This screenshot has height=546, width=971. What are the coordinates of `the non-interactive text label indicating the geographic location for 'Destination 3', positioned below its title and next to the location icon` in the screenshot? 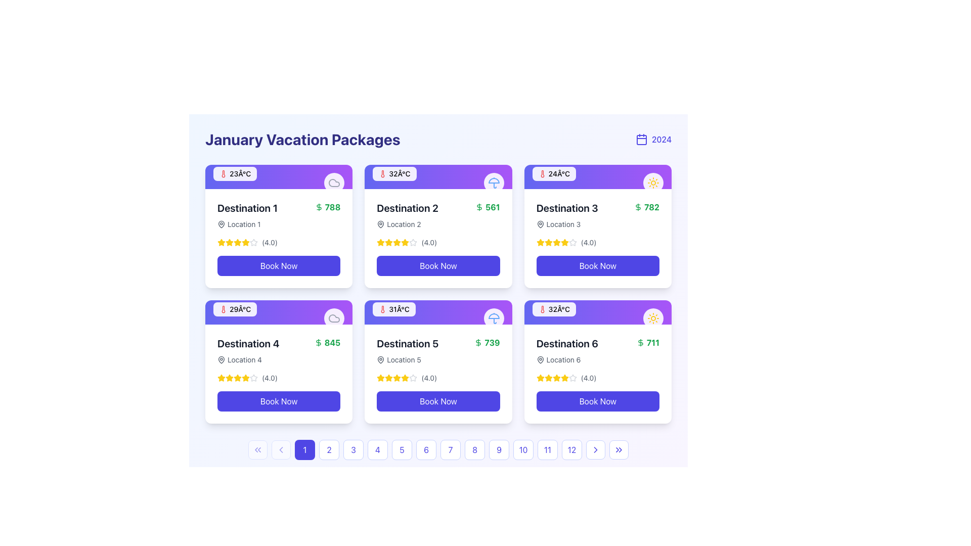 It's located at (563, 223).